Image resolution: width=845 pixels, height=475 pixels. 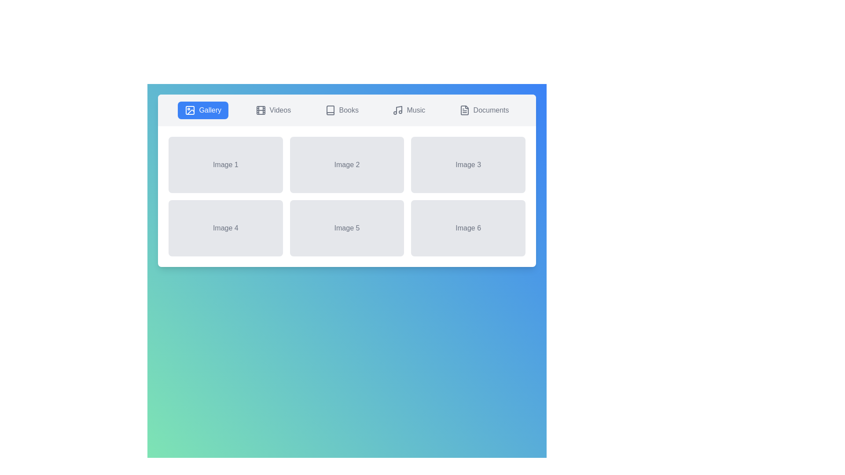 What do you see at coordinates (346, 196) in the screenshot?
I see `the individual cards in the grid layout displaying six cards arranged in two rows` at bounding box center [346, 196].